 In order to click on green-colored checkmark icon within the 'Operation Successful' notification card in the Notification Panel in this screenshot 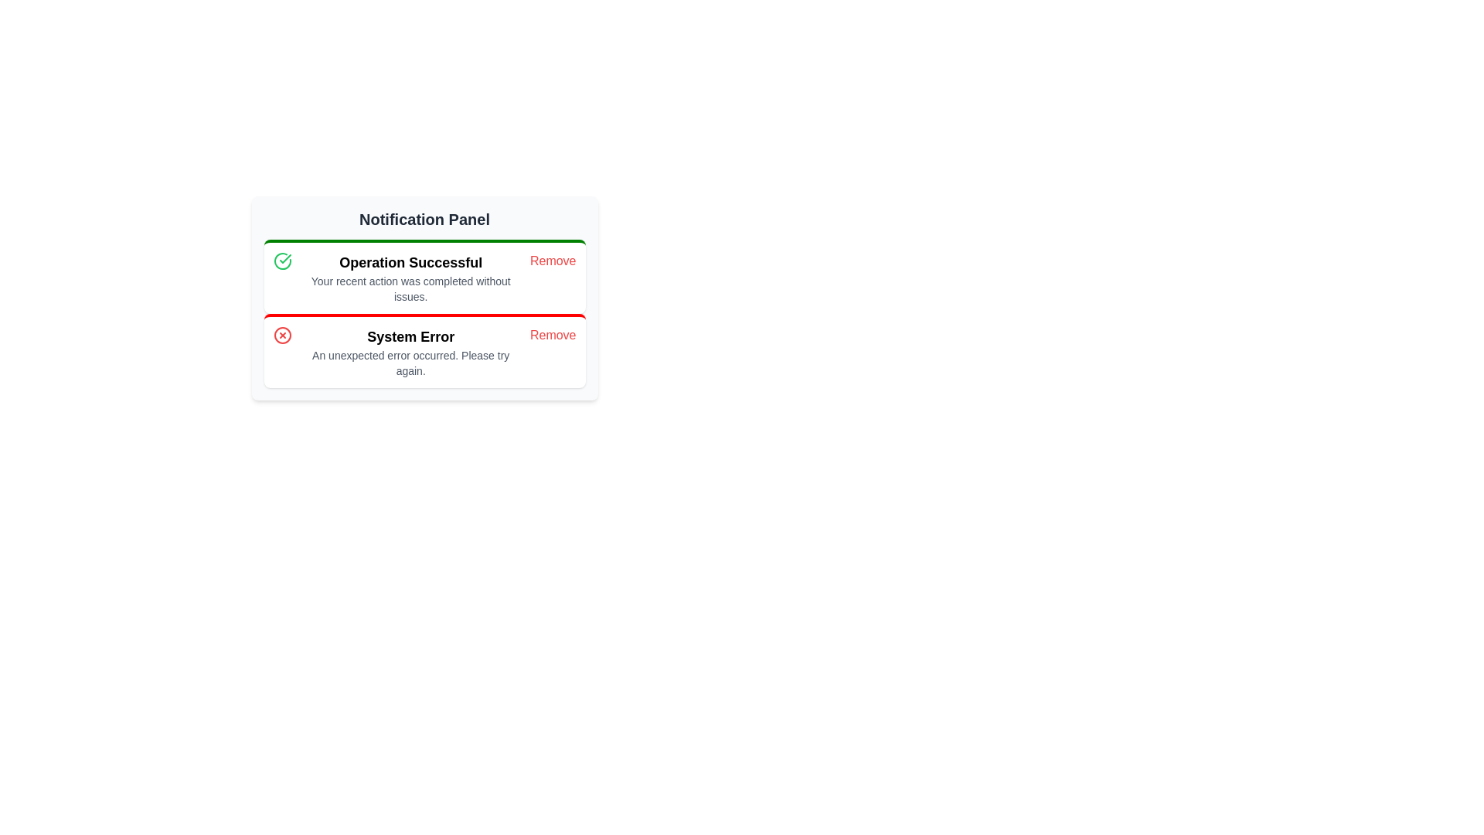, I will do `click(285, 258)`.